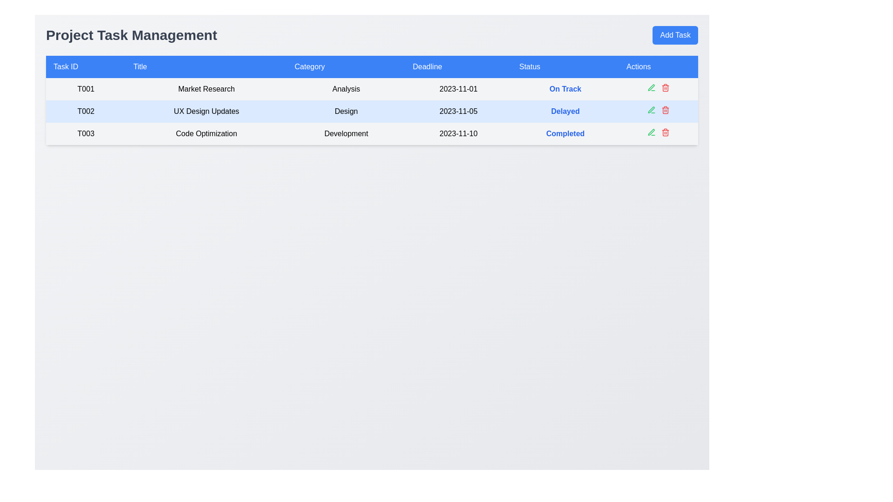  I want to click on text from the table cell displaying the date '2023-11-05' in the second row under the 'Deadline' column, which is center-aligned on a light blue background, so click(458, 111).